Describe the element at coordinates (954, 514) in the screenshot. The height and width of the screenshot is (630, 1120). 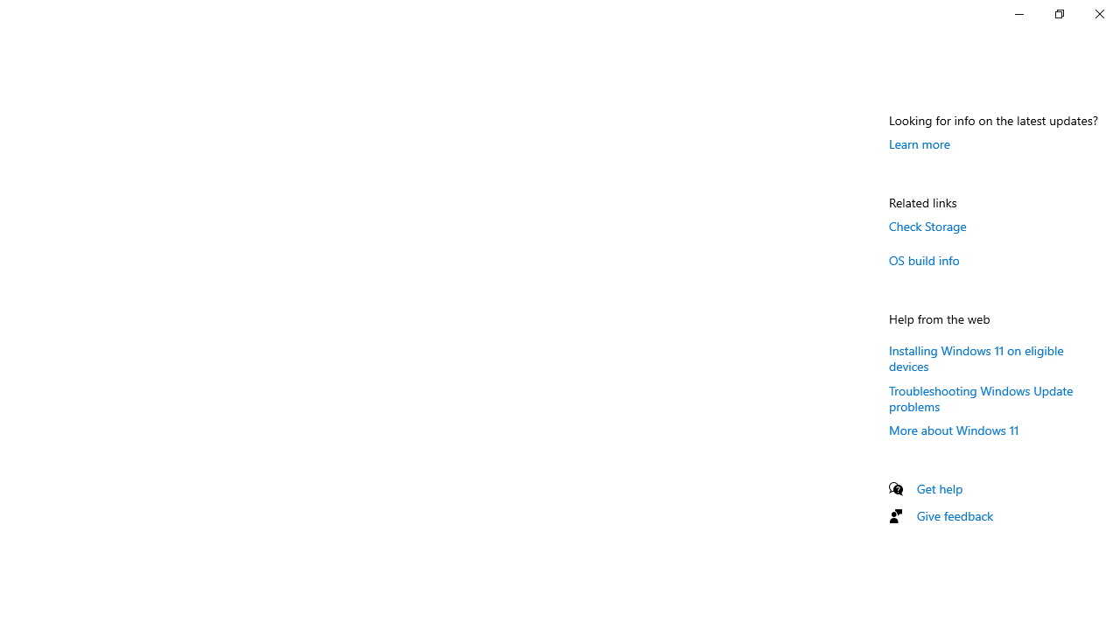
I see `'Give feedback'` at that location.